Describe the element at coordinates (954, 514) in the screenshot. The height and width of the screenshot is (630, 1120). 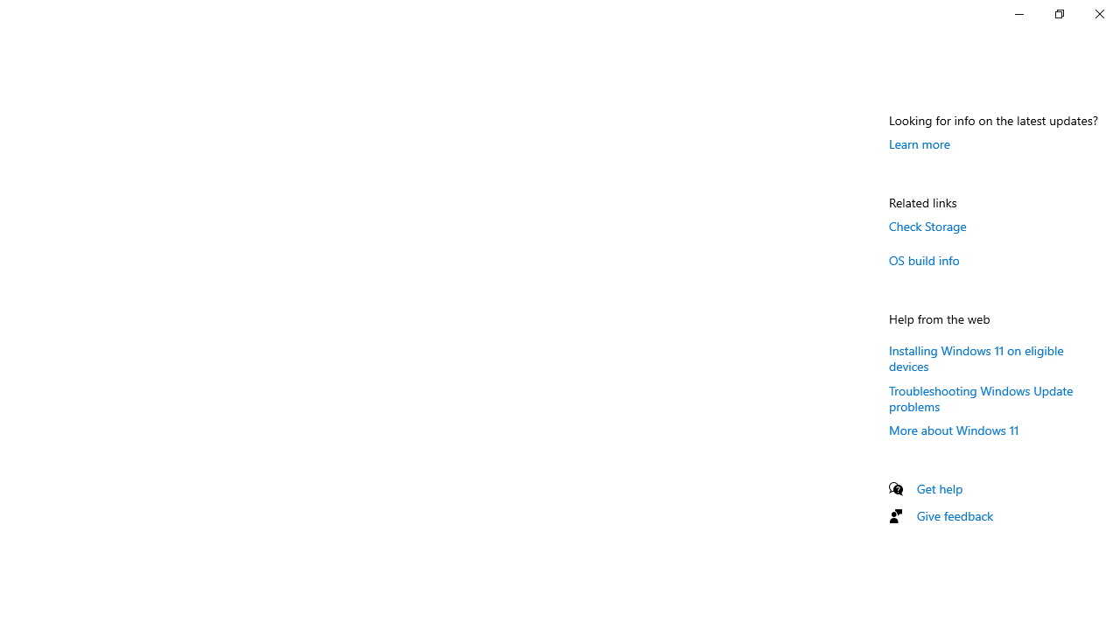
I see `'Give feedback'` at that location.